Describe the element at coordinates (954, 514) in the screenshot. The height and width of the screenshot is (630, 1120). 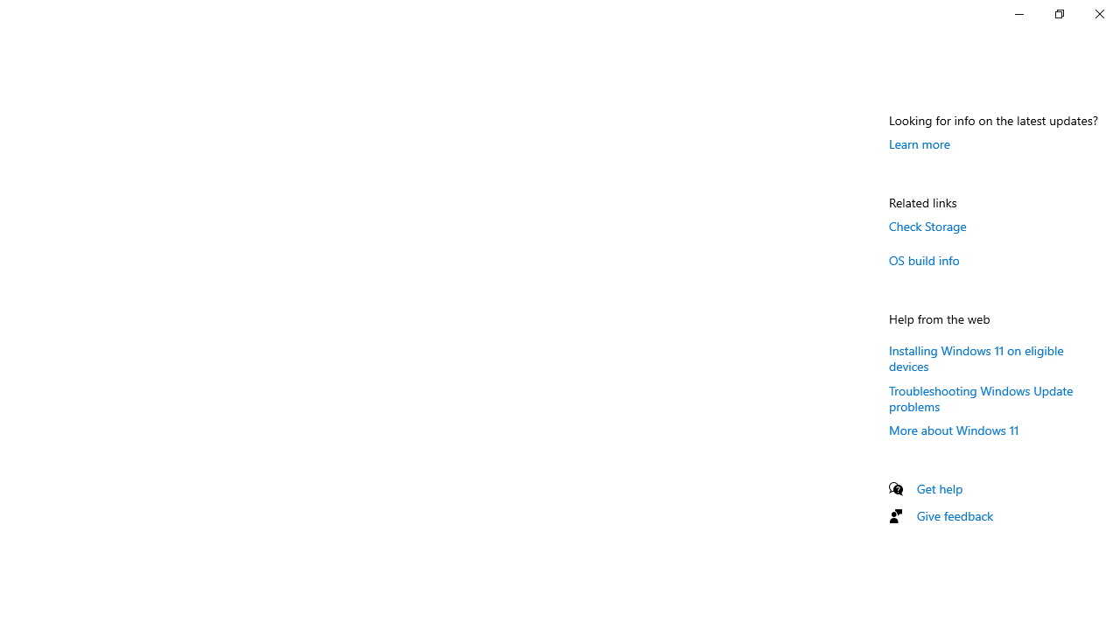
I see `'Give feedback'` at that location.